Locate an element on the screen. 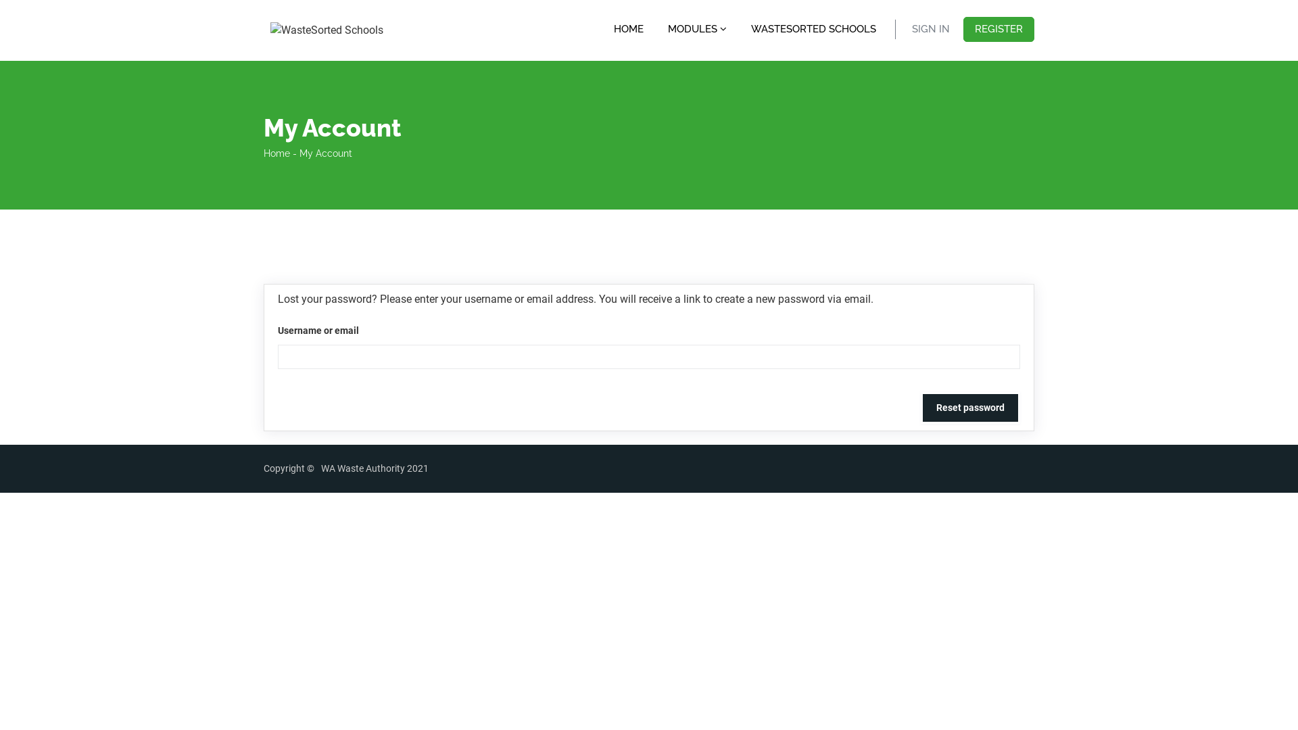 The height and width of the screenshot is (730, 1298). 'MODULES' is located at coordinates (662, 28).